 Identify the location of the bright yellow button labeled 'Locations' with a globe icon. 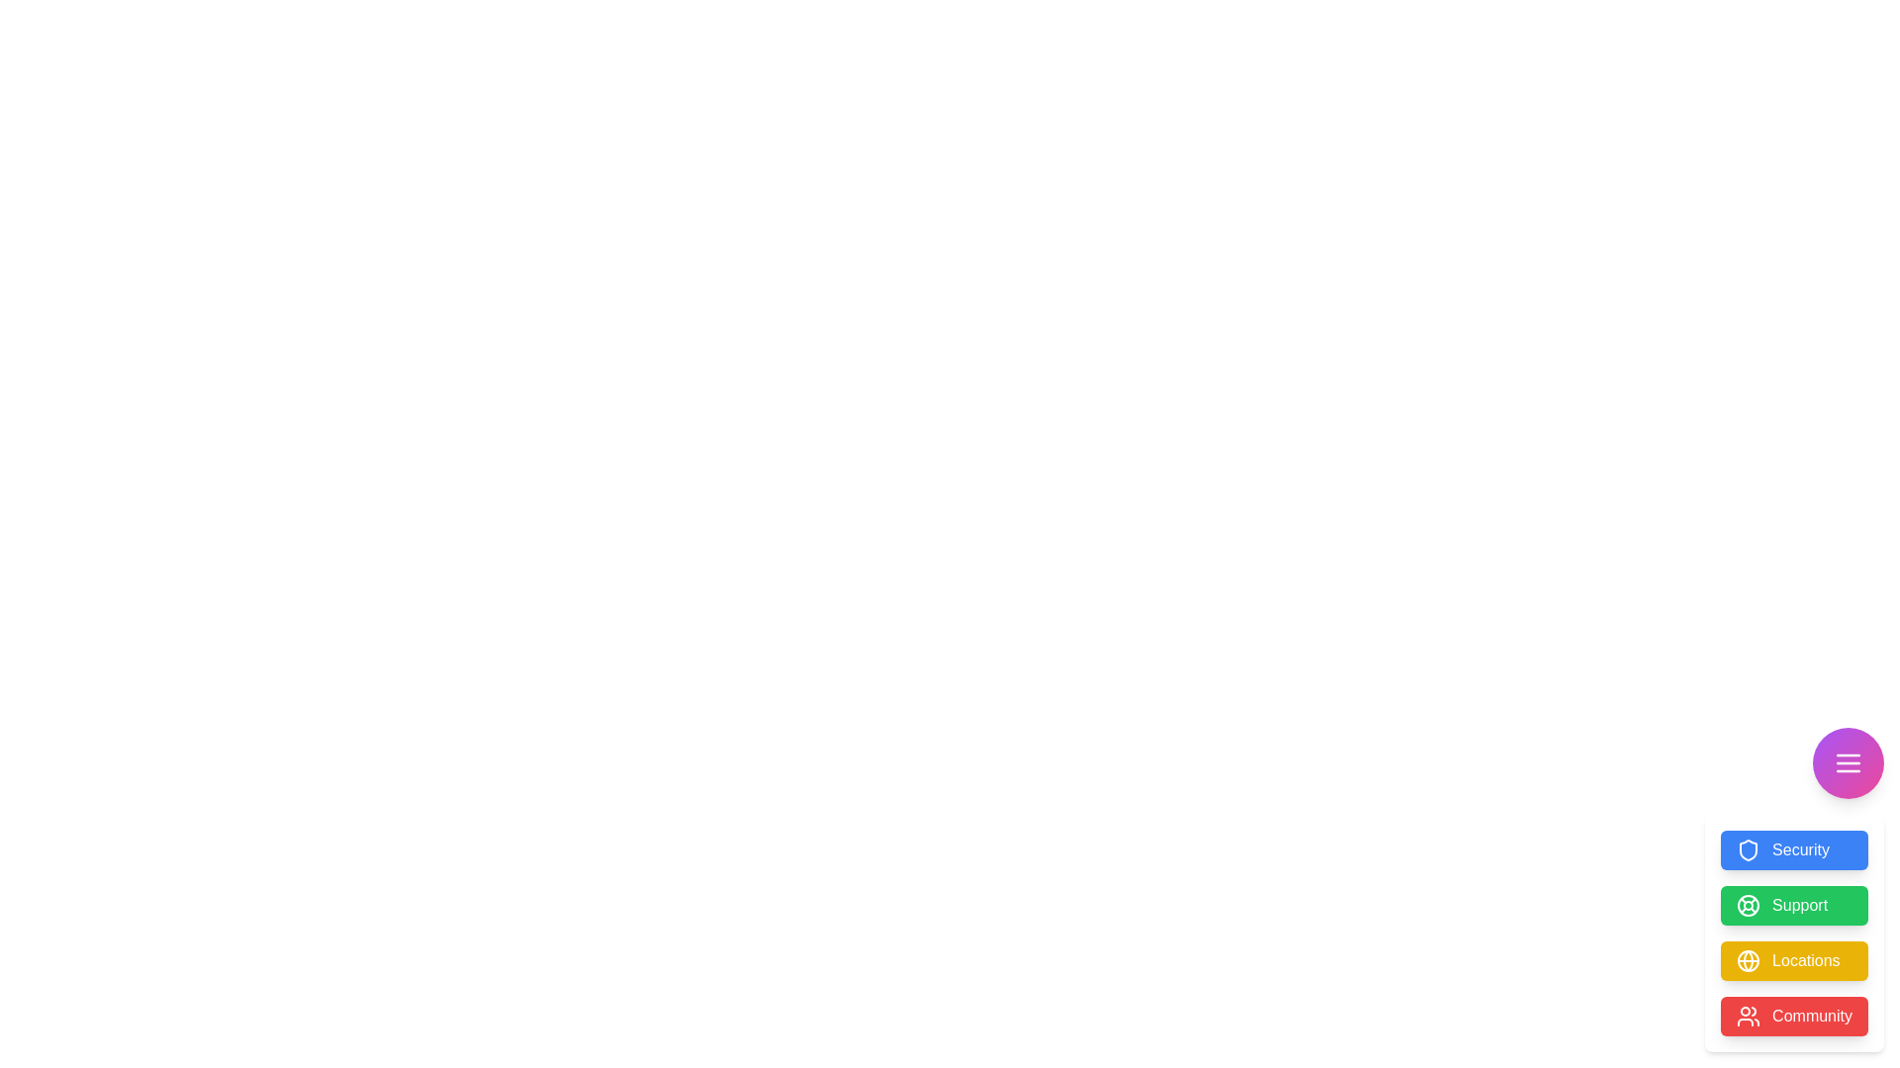
(1794, 934).